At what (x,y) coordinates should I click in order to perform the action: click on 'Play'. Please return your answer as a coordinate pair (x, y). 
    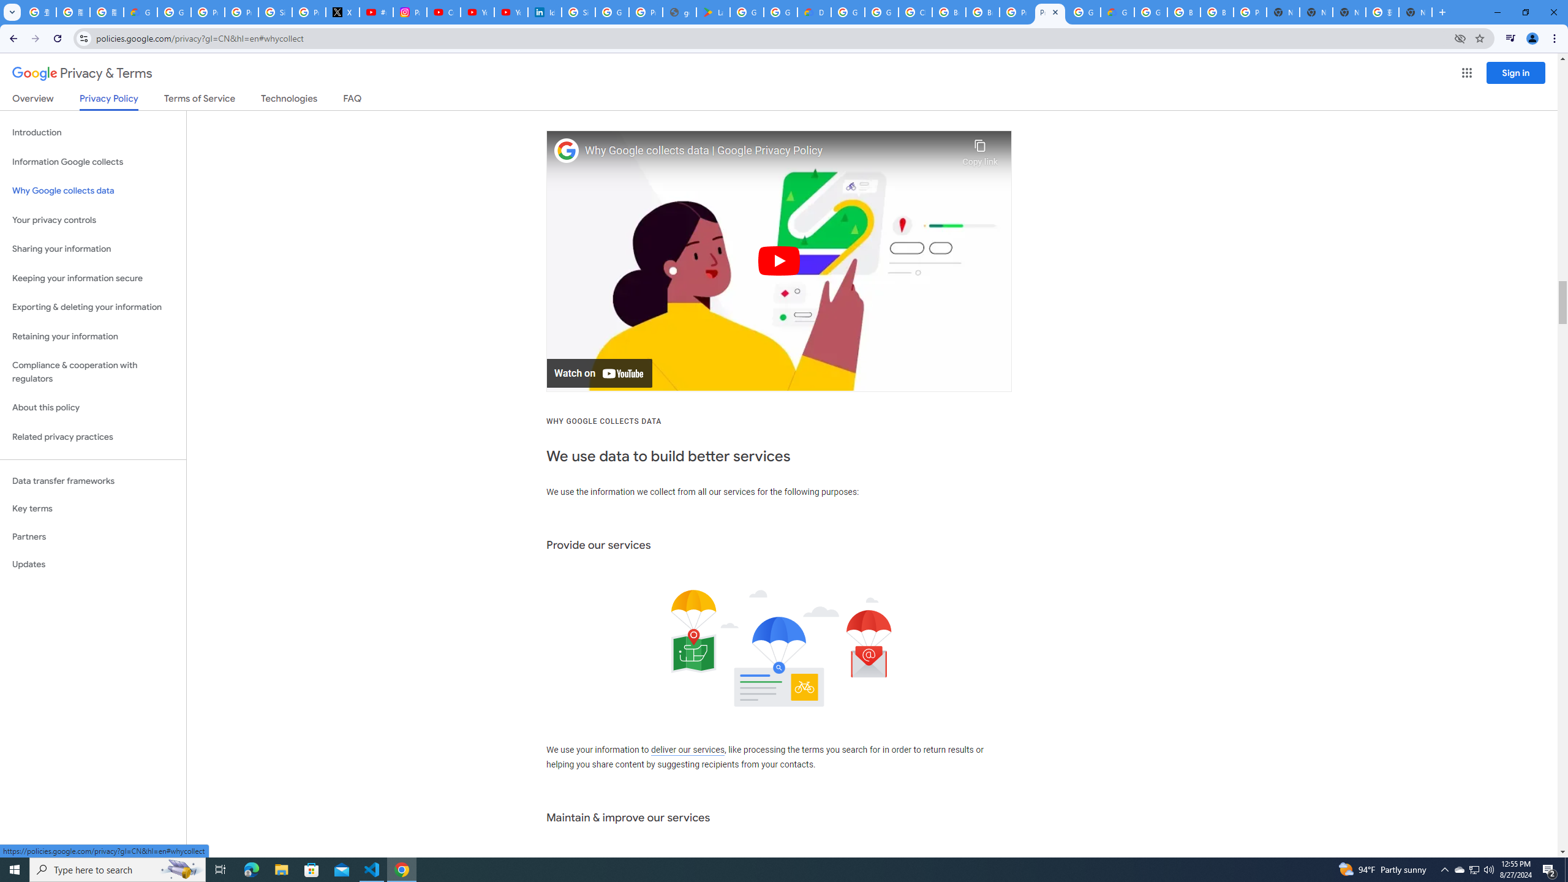
    Looking at the image, I should click on (778, 260).